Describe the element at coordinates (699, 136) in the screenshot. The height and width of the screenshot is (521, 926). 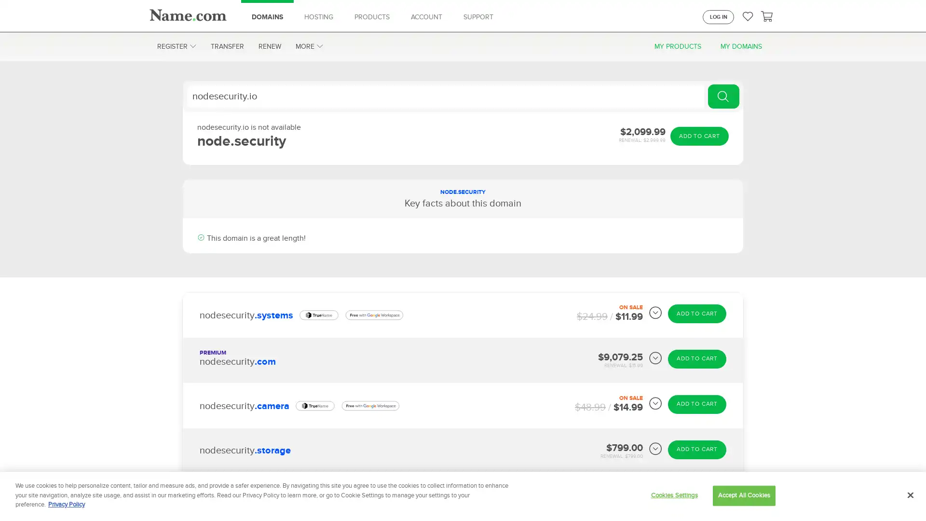
I see `ADD TO CART` at that location.